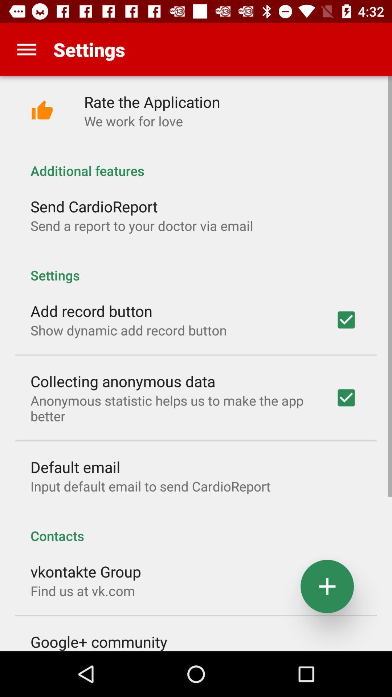 The image size is (392, 697). What do you see at coordinates (173, 408) in the screenshot?
I see `anonymous statistic helps item` at bounding box center [173, 408].